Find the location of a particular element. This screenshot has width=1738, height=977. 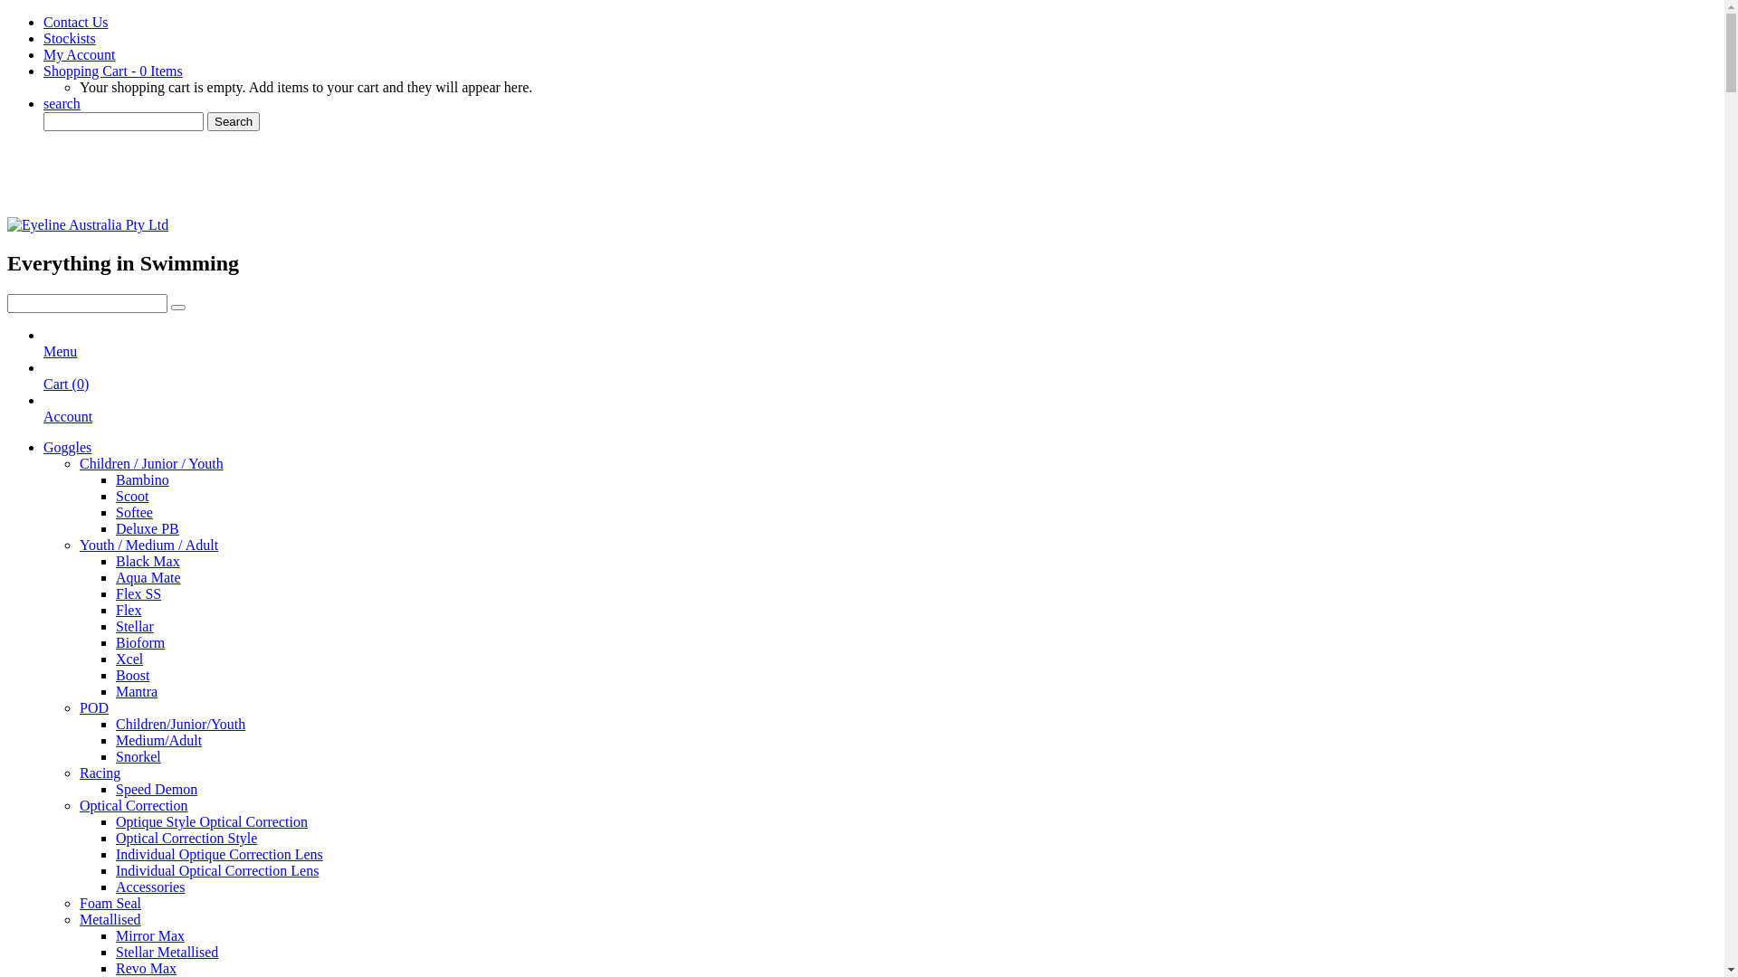

'Flex' is located at coordinates (115, 610).